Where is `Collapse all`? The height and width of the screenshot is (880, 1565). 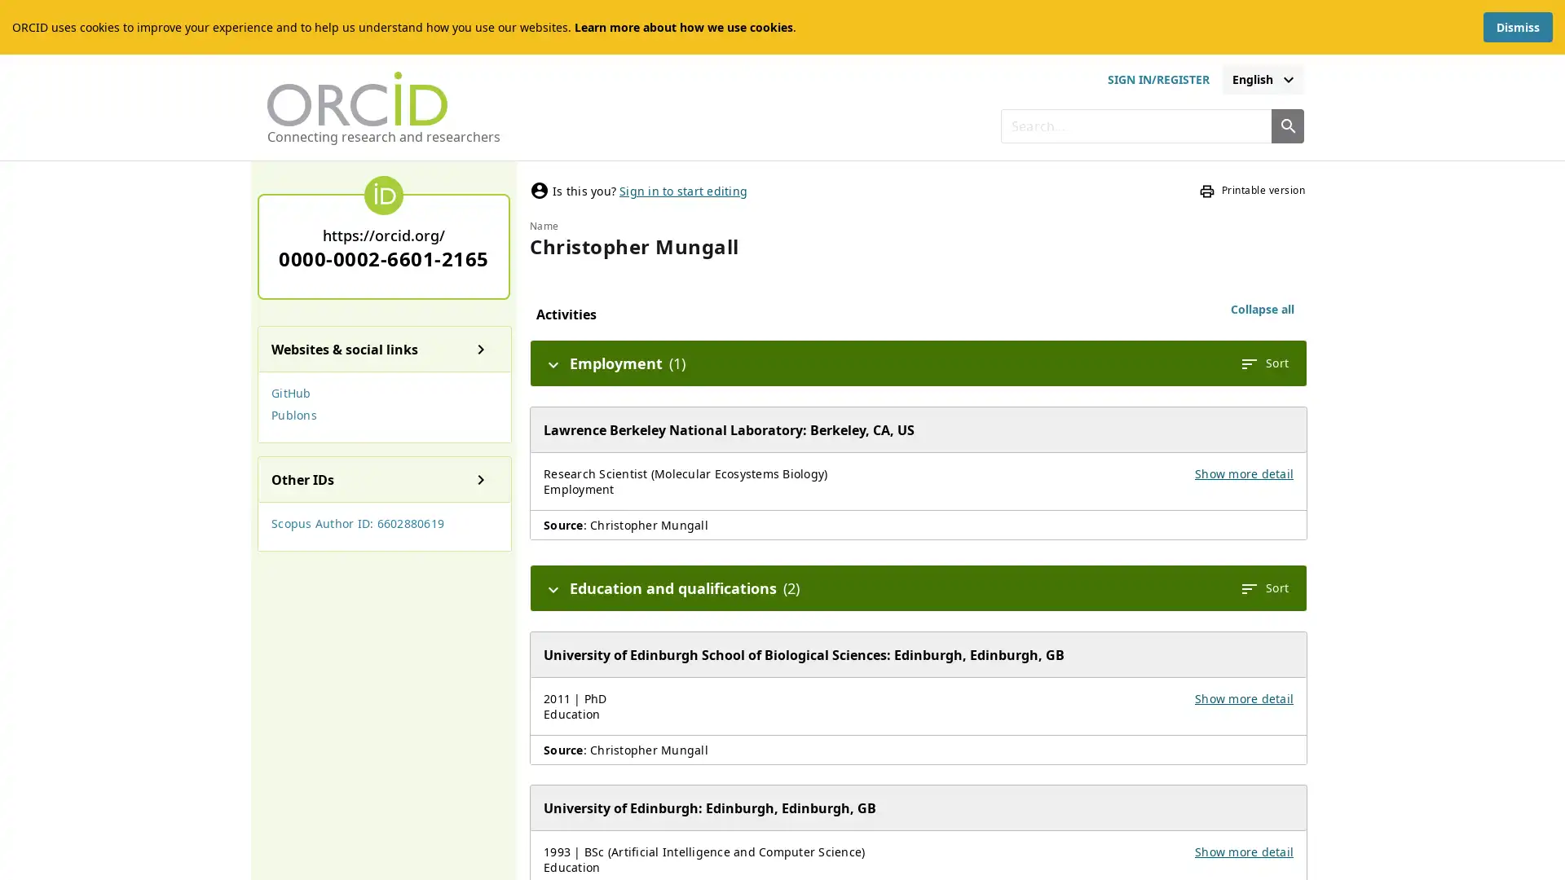
Collapse all is located at coordinates (1262, 310).